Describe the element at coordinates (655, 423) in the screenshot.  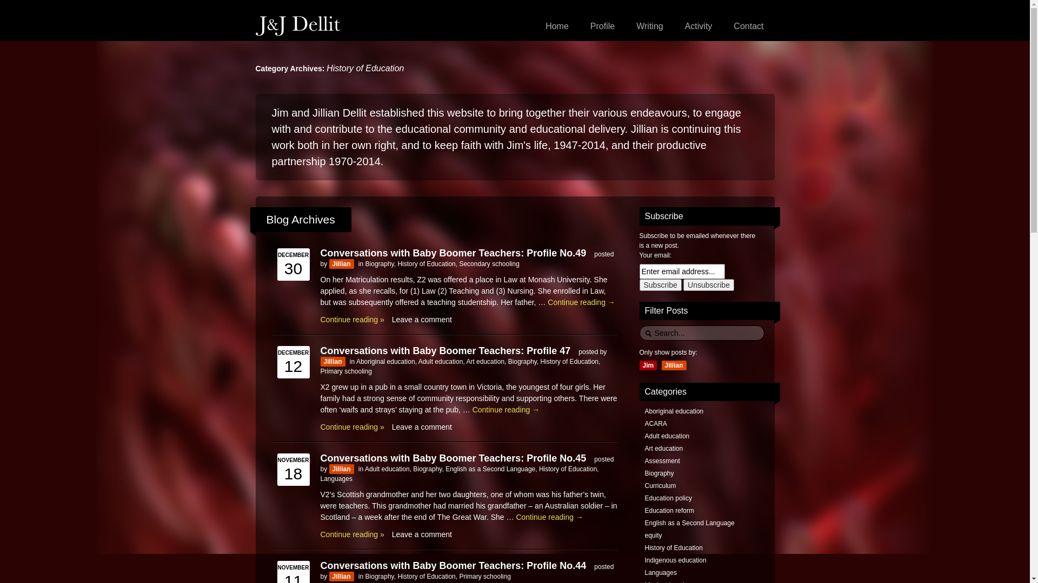
I see `'ACARA'` at that location.